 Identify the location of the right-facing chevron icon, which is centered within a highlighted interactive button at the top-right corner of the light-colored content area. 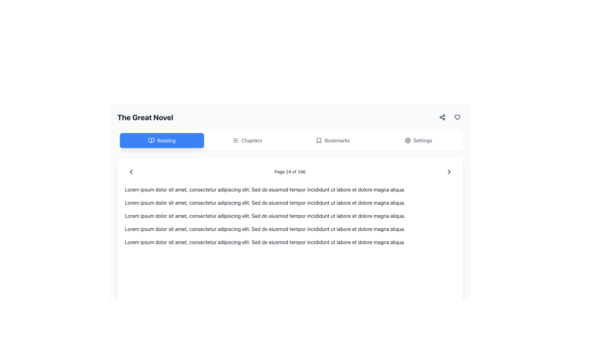
(449, 172).